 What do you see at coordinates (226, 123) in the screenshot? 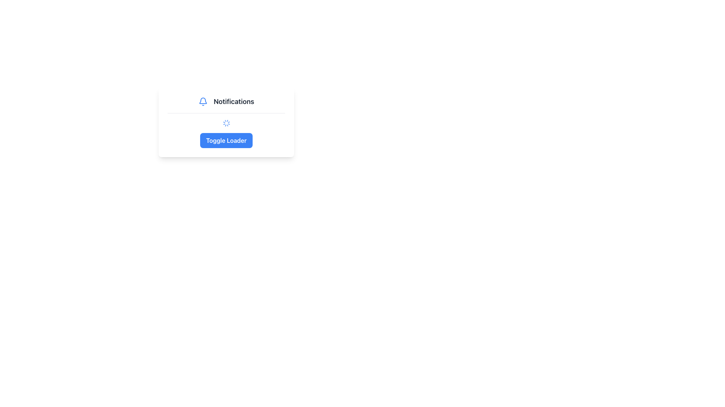
I see `the animation of the Loading Spinner, which is located at the center of the card, directly below a horizontal divider line and above the blue rectangular button labeled 'Toggle Loader'` at bounding box center [226, 123].